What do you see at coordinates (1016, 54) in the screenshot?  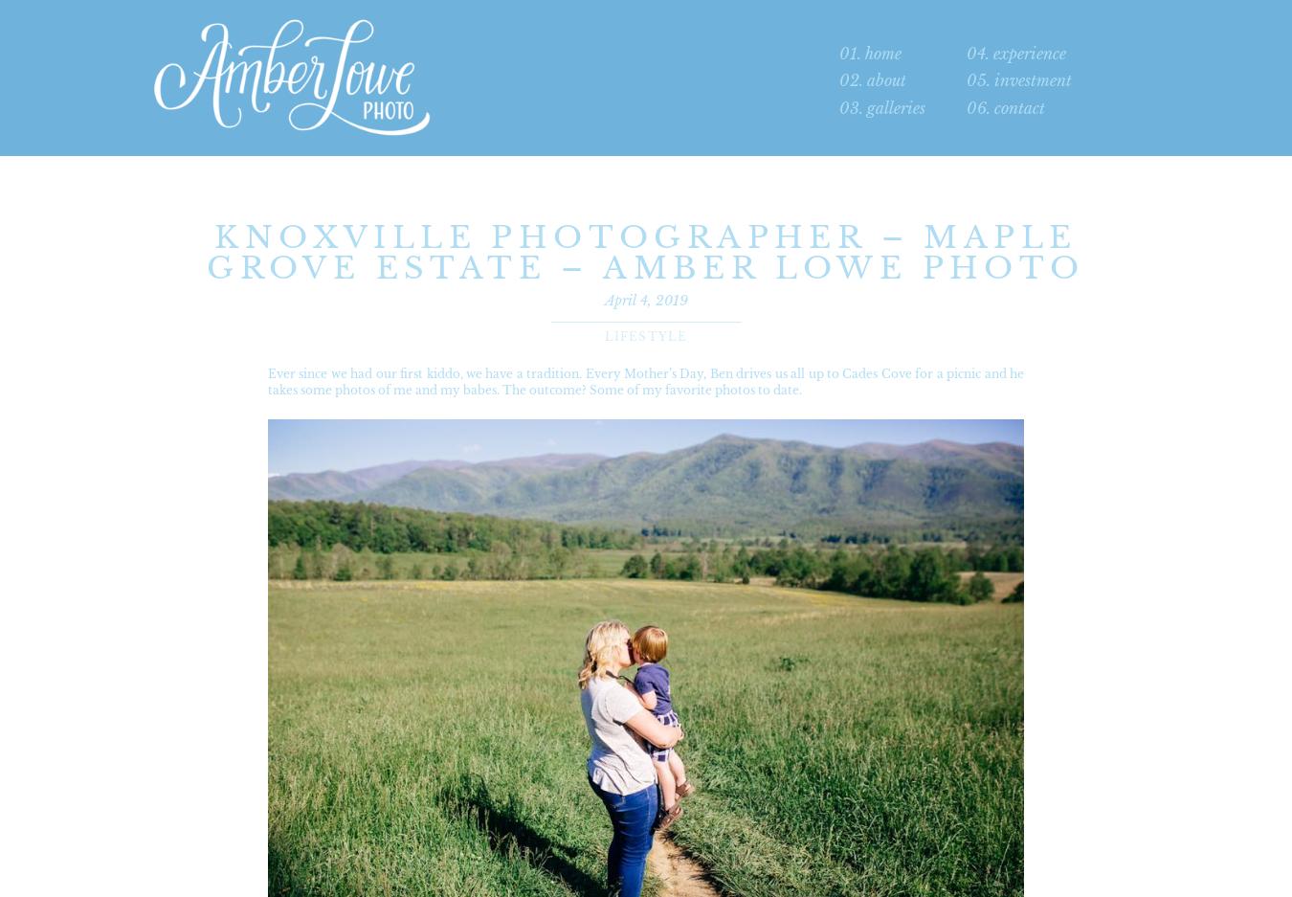 I see `'04. experience'` at bounding box center [1016, 54].